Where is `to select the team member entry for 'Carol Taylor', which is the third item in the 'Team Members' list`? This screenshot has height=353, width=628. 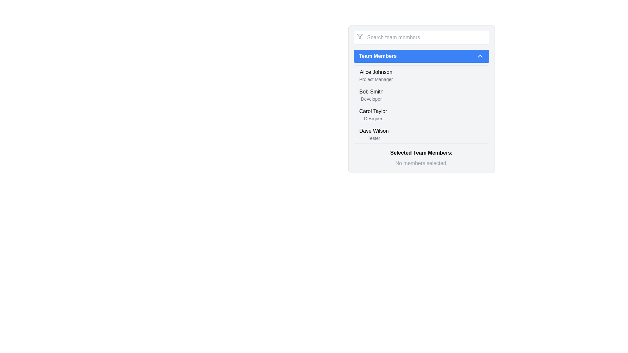 to select the team member entry for 'Carol Taylor', which is the third item in the 'Team Members' list is located at coordinates (421, 114).